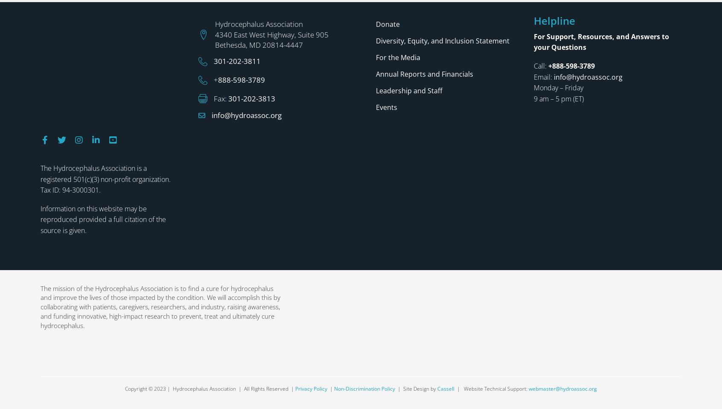 The width and height of the screenshot is (722, 409). What do you see at coordinates (445, 279) in the screenshot?
I see `'Cassell'` at bounding box center [445, 279].